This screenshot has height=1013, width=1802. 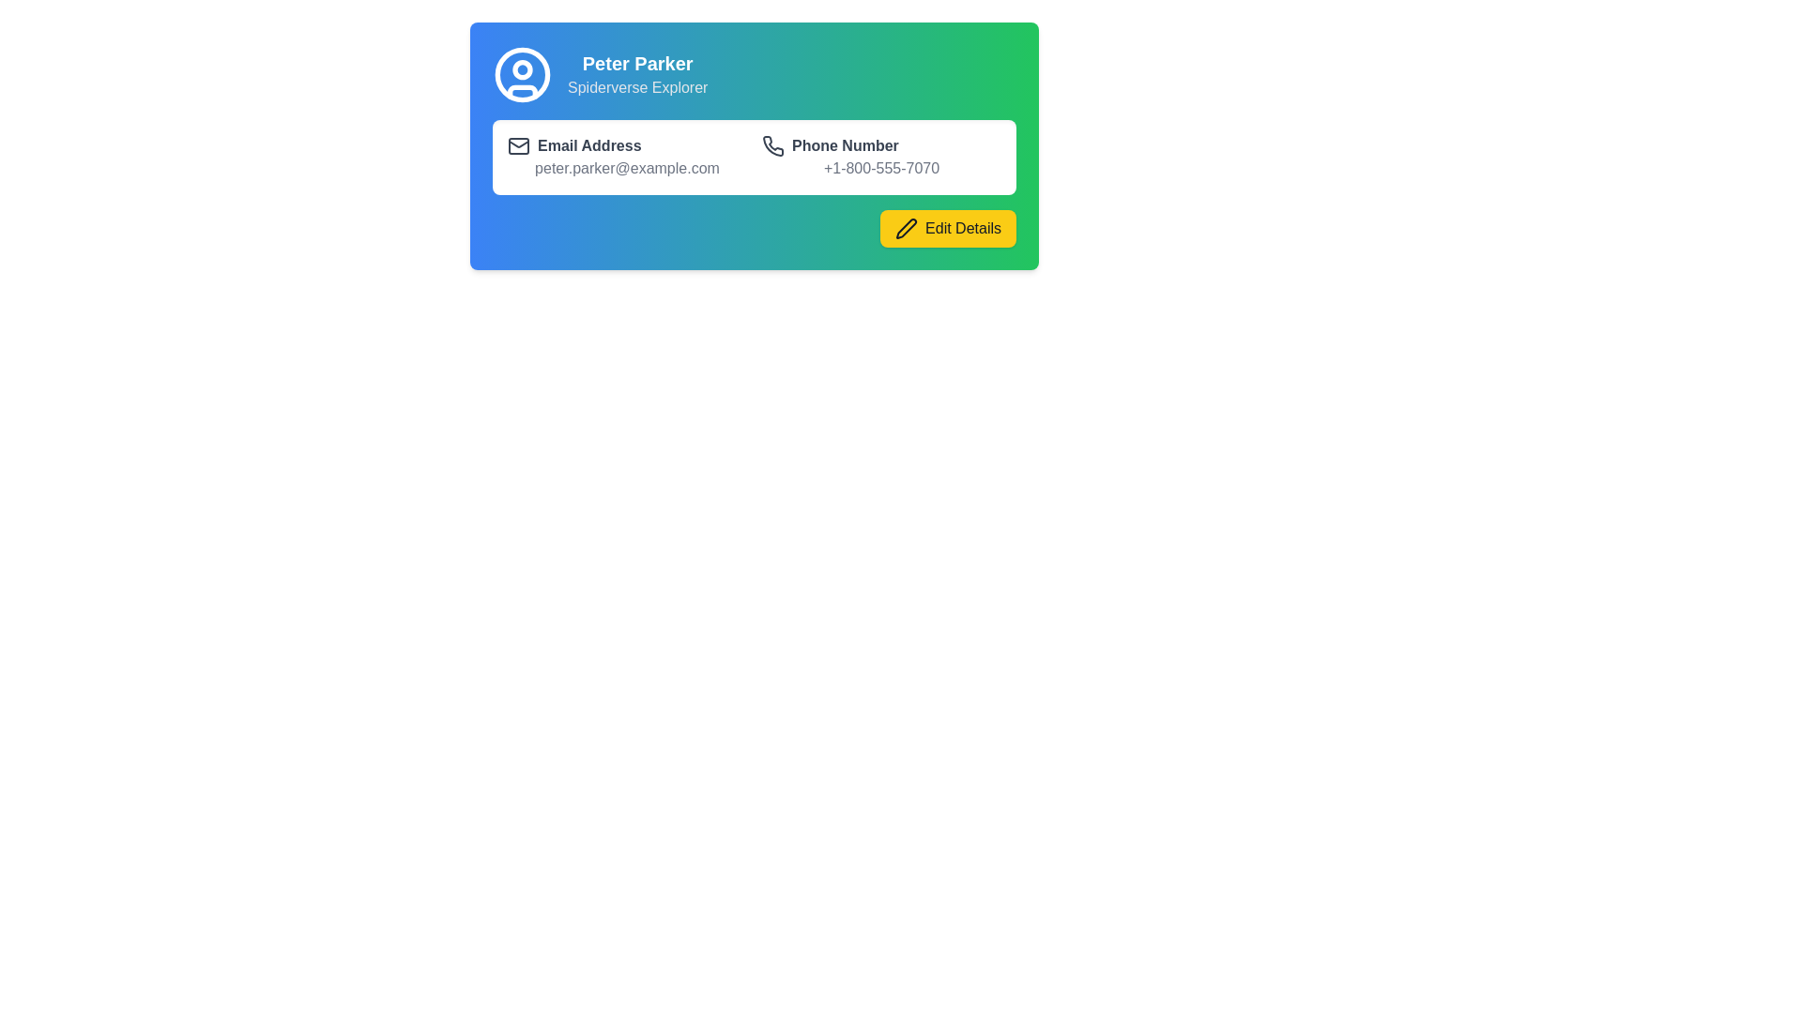 What do you see at coordinates (773, 144) in the screenshot?
I see `the phone icon, which is styled with a thin outline and a curved handle, located to the left of the 'Phone Number' label in the contact details section` at bounding box center [773, 144].